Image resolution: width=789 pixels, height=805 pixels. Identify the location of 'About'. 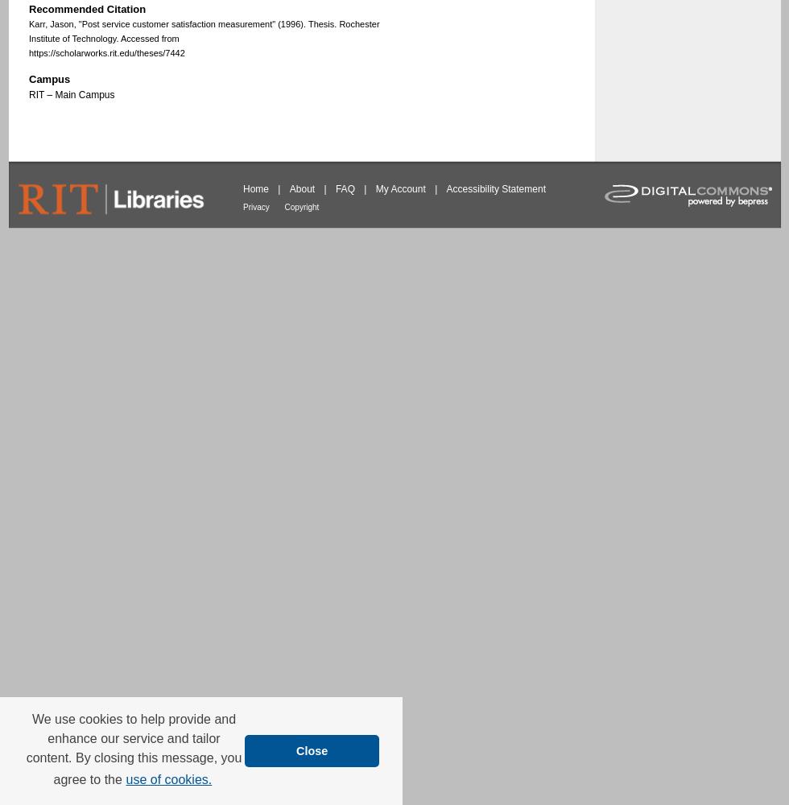
(288, 188).